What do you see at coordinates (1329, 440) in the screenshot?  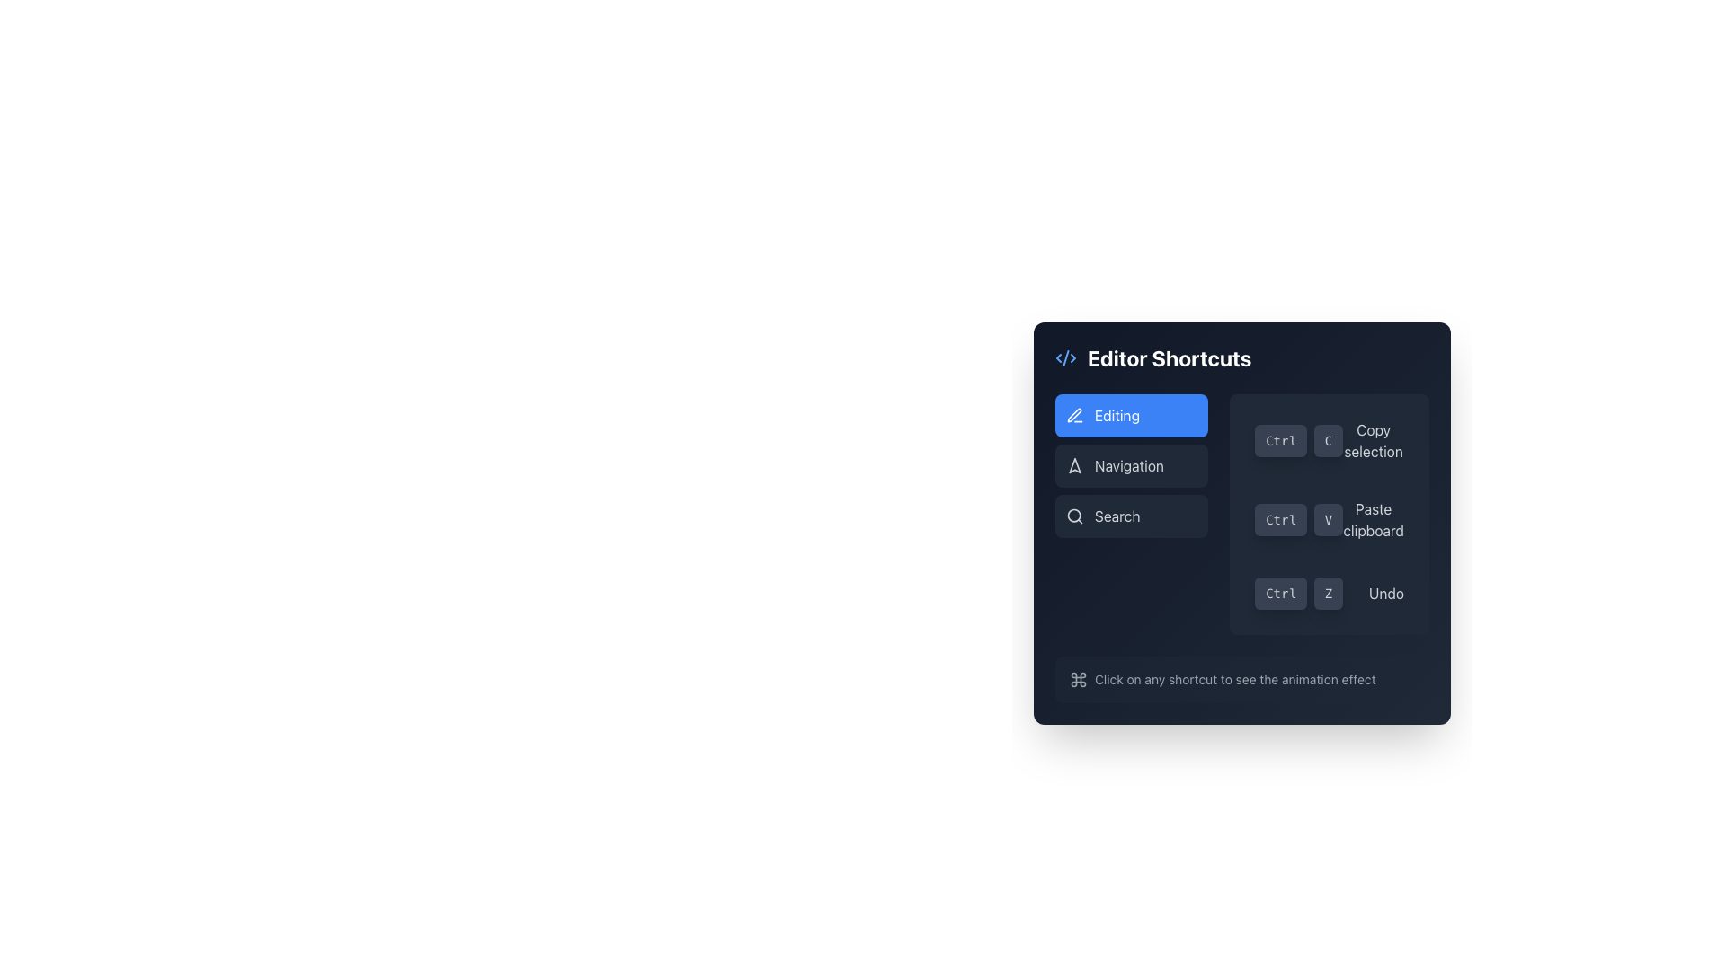 I see `the keyboard shortcut representation for 'Copy selection', located in the upper portion of the 'Editing' section, specifically the first in the vertical list of shortcuts` at bounding box center [1329, 440].